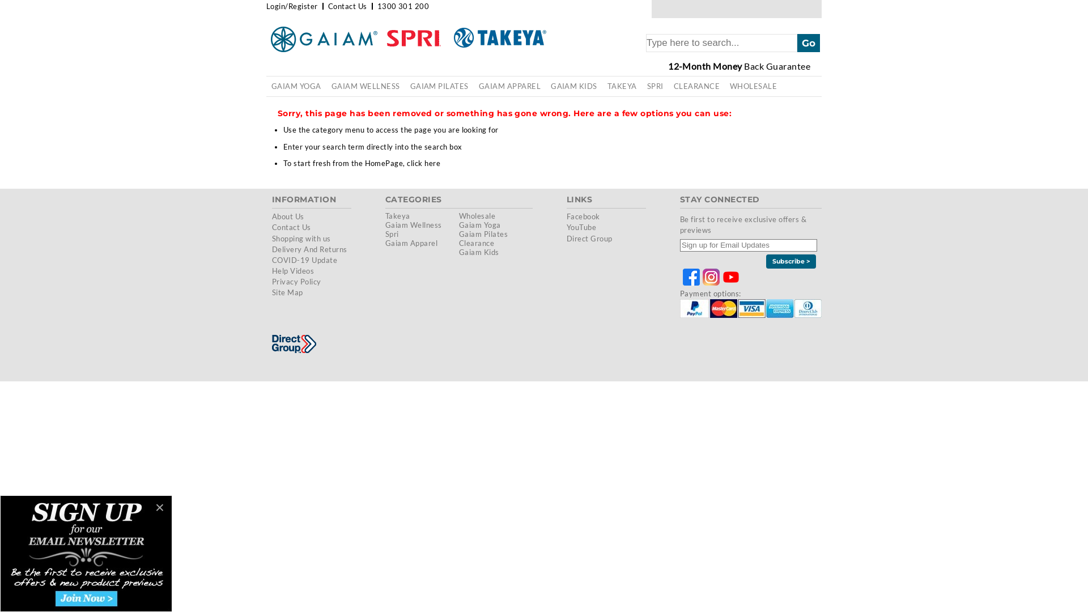 This screenshot has width=1088, height=612. What do you see at coordinates (432, 163) in the screenshot?
I see `'here'` at bounding box center [432, 163].